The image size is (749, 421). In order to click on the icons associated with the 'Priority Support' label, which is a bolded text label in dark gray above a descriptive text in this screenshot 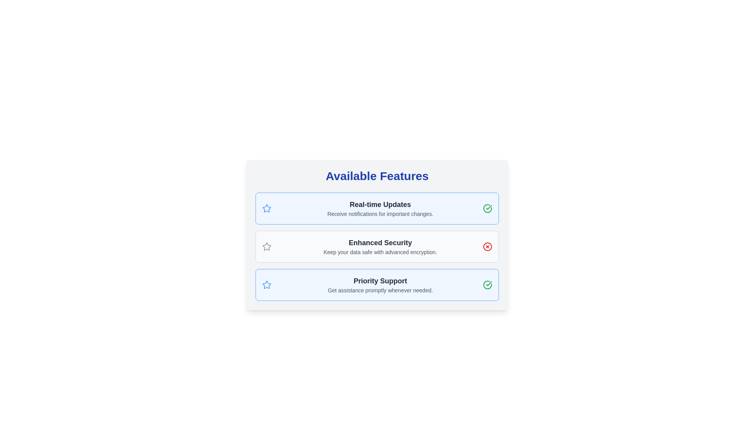, I will do `click(380, 281)`.